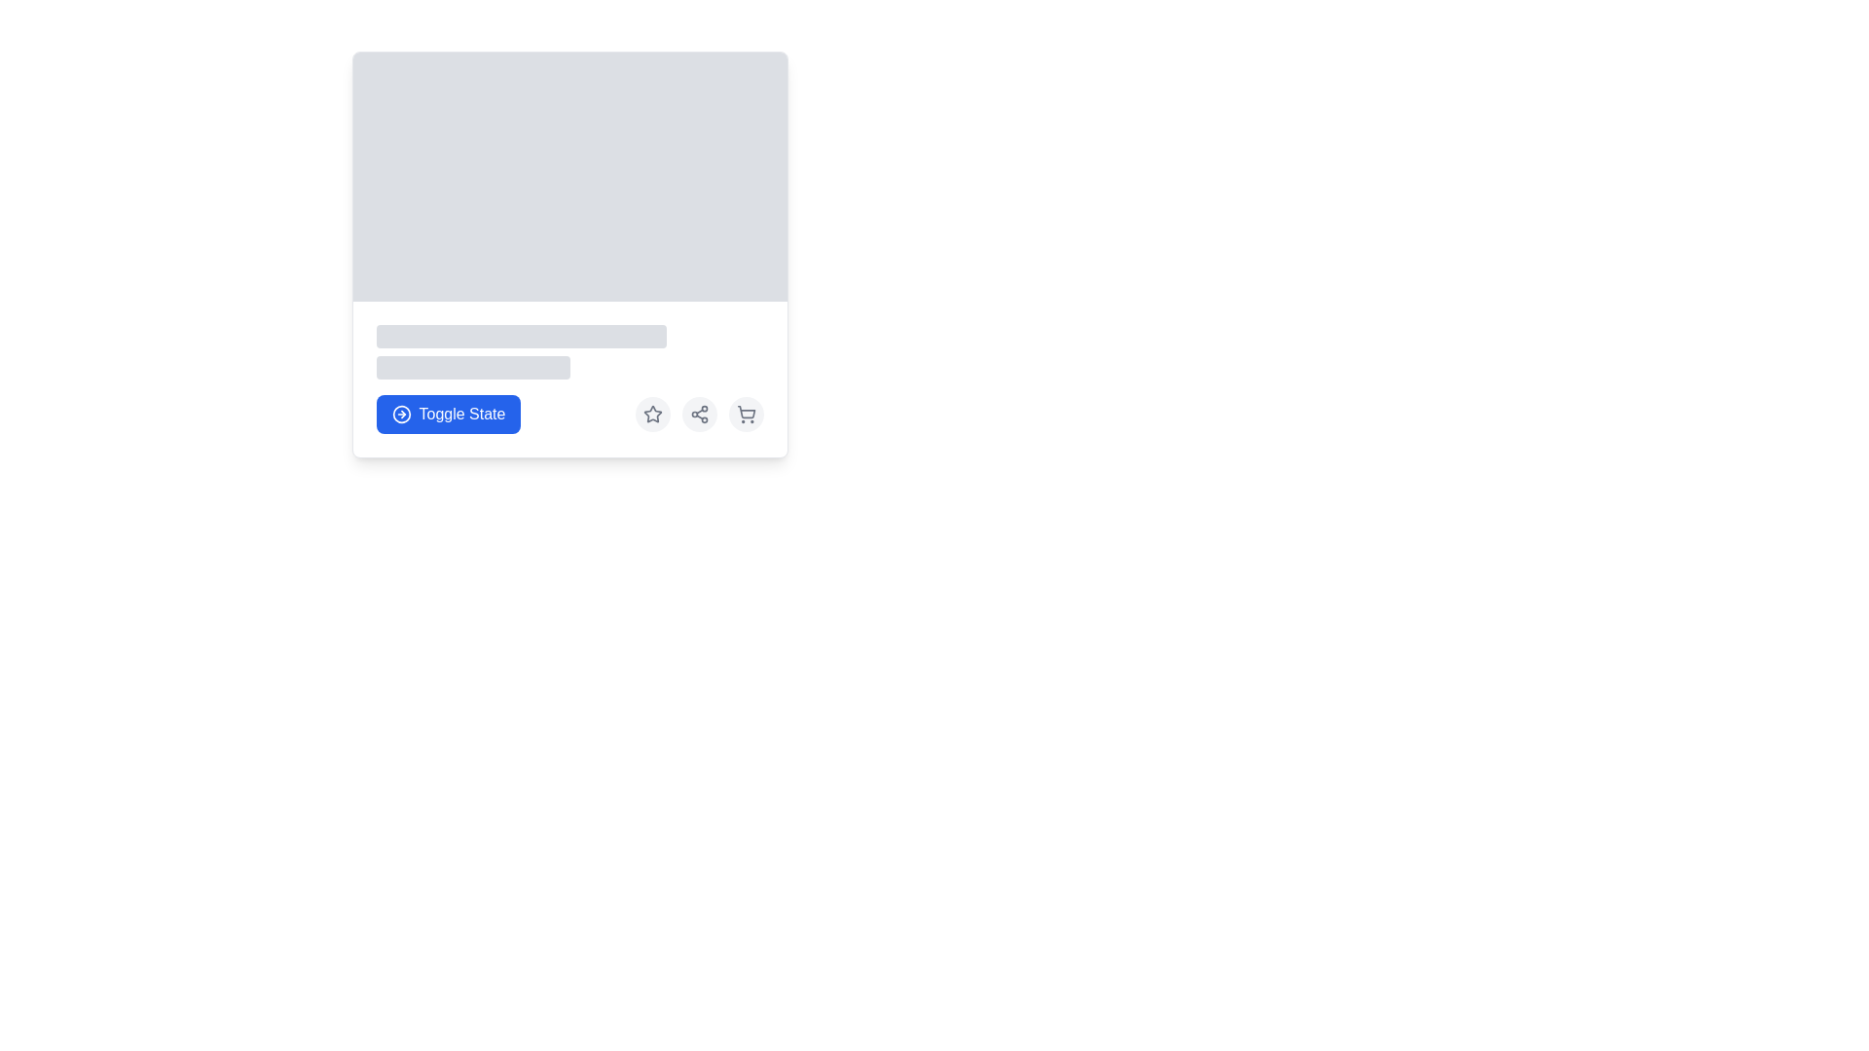 The height and width of the screenshot is (1051, 1869). Describe the element at coordinates (699, 413) in the screenshot. I see `the sharing button located at the bottom center of the card-like section, positioned between the star button and the shopping cart button` at that location.